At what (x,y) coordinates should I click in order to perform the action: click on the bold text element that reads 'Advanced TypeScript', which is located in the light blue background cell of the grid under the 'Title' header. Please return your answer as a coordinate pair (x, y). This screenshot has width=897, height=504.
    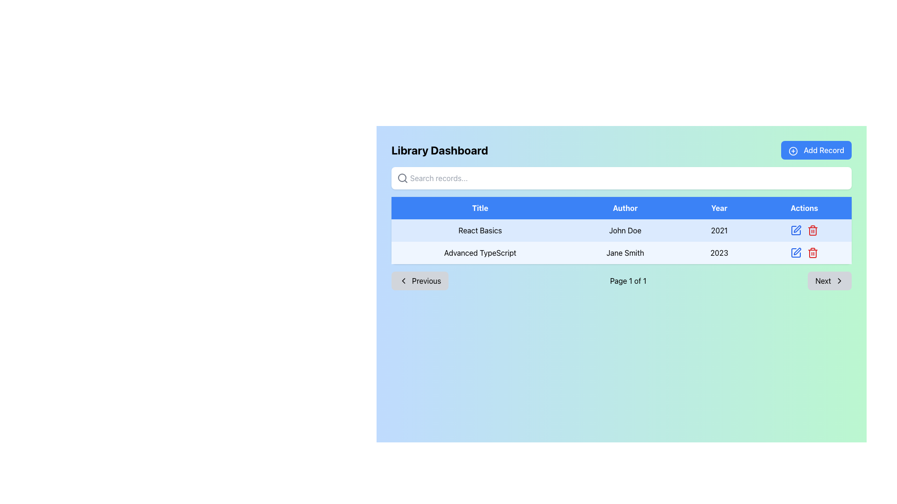
    Looking at the image, I should click on (480, 253).